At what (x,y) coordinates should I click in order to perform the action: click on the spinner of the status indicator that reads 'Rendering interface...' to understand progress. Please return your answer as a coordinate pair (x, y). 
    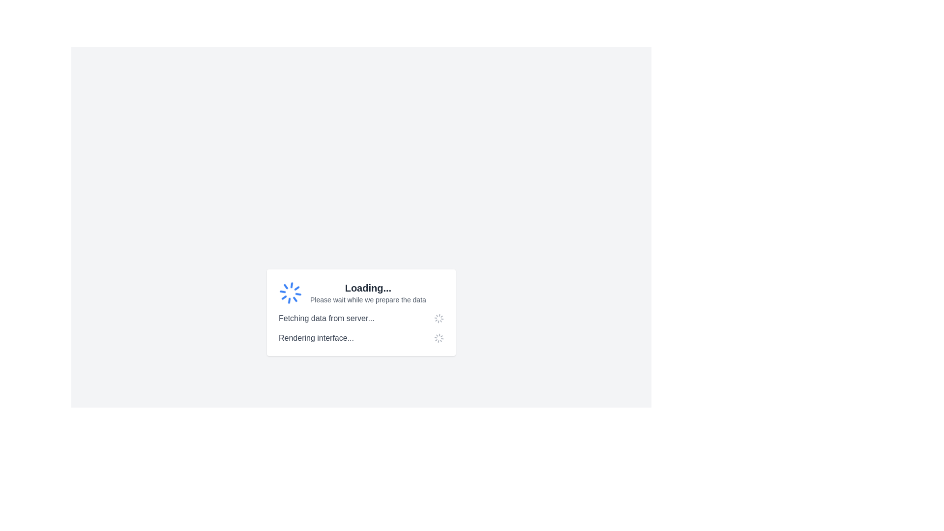
    Looking at the image, I should click on (360, 337).